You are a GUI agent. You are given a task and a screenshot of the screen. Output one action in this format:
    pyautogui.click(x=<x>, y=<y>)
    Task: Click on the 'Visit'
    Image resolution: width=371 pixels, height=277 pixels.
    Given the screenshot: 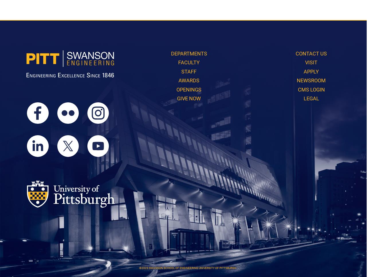 What is the action you would take?
    pyautogui.click(x=311, y=62)
    